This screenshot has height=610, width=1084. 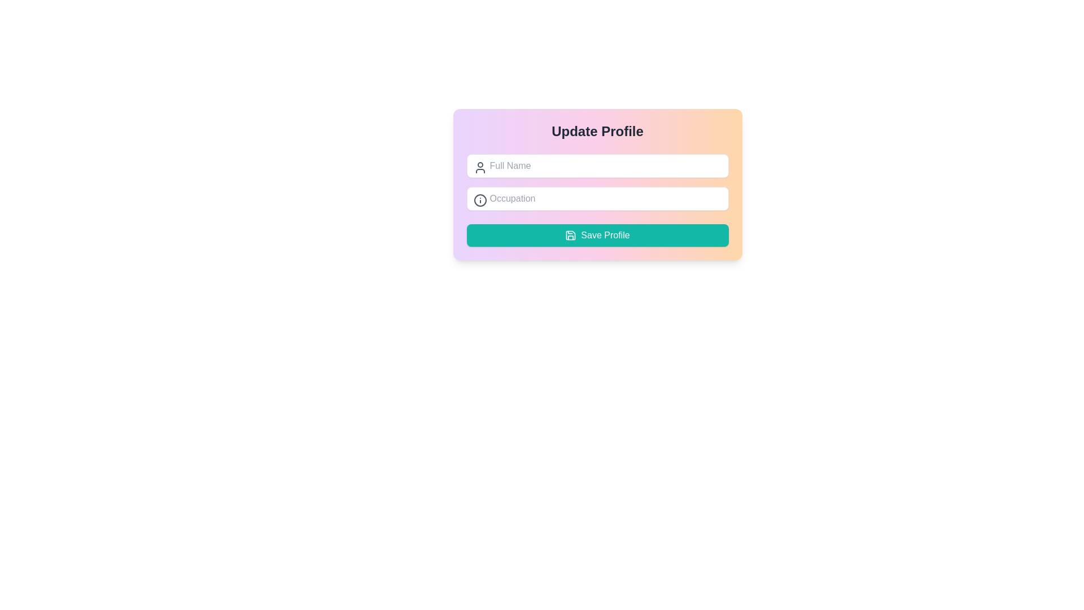 I want to click on the information indicator icon located to the left of the input field labeled 'Occupation', so click(x=480, y=199).